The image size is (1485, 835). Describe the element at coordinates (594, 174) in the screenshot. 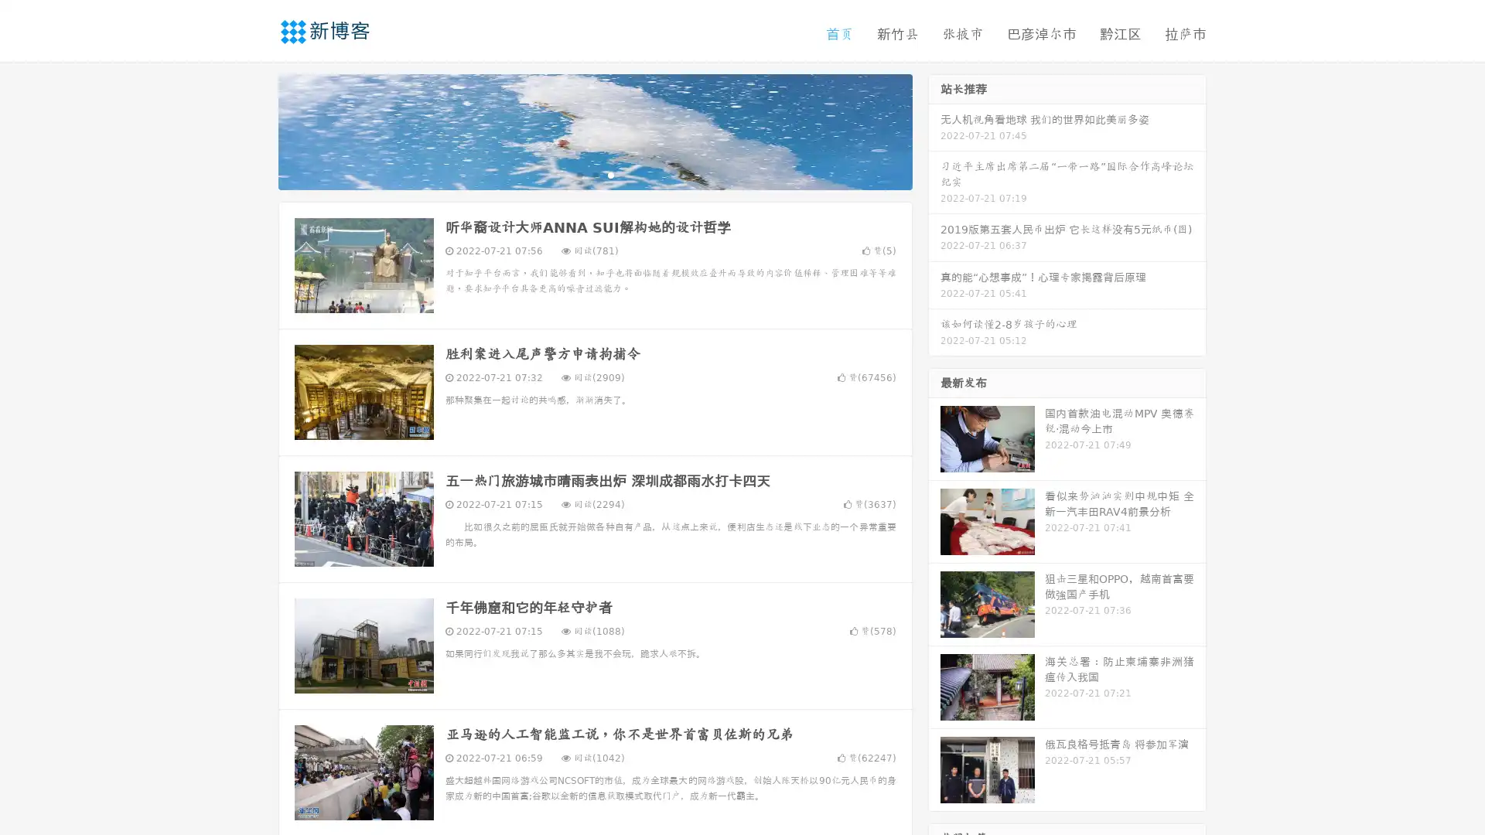

I see `Go to slide 2` at that location.